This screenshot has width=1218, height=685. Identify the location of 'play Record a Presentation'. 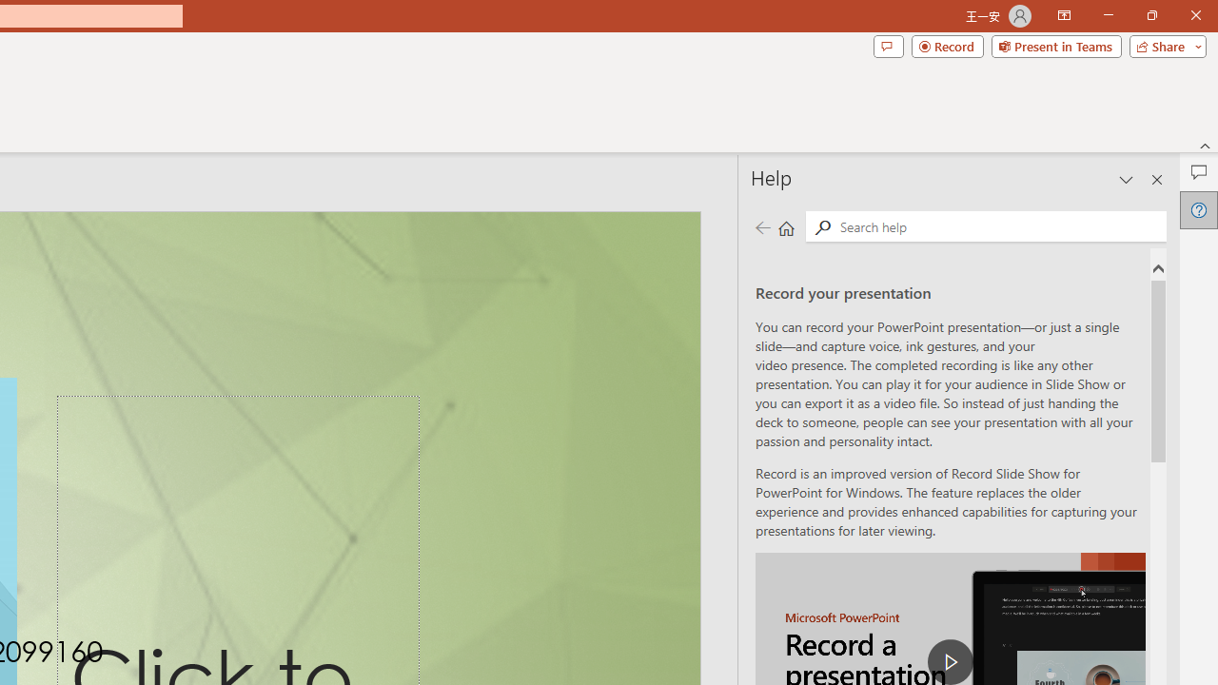
(951, 660).